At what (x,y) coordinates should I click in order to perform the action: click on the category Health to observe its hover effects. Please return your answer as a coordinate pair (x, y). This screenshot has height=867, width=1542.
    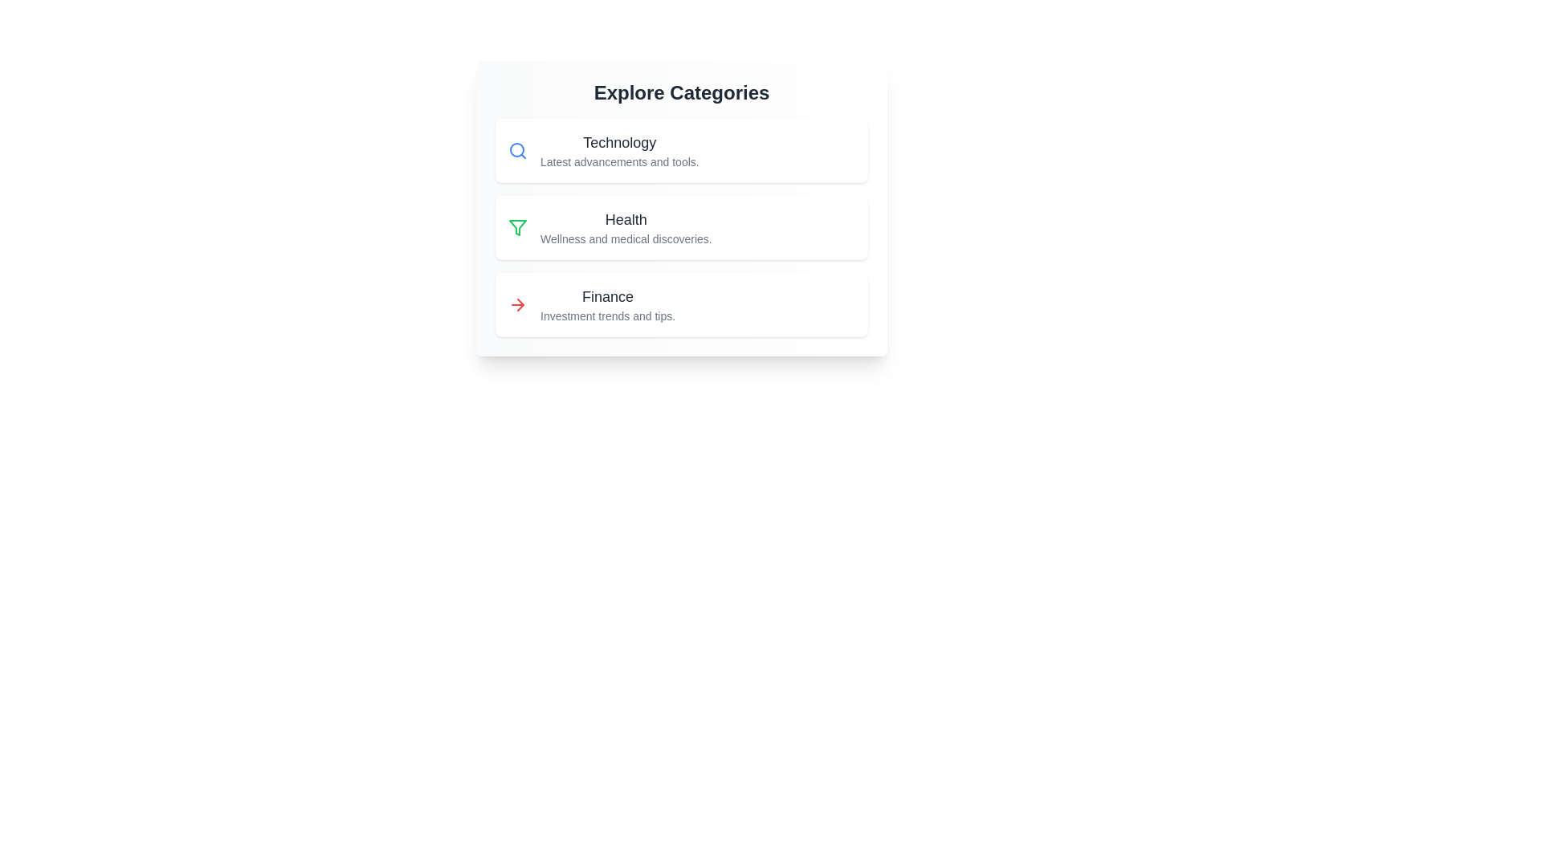
    Looking at the image, I should click on (682, 228).